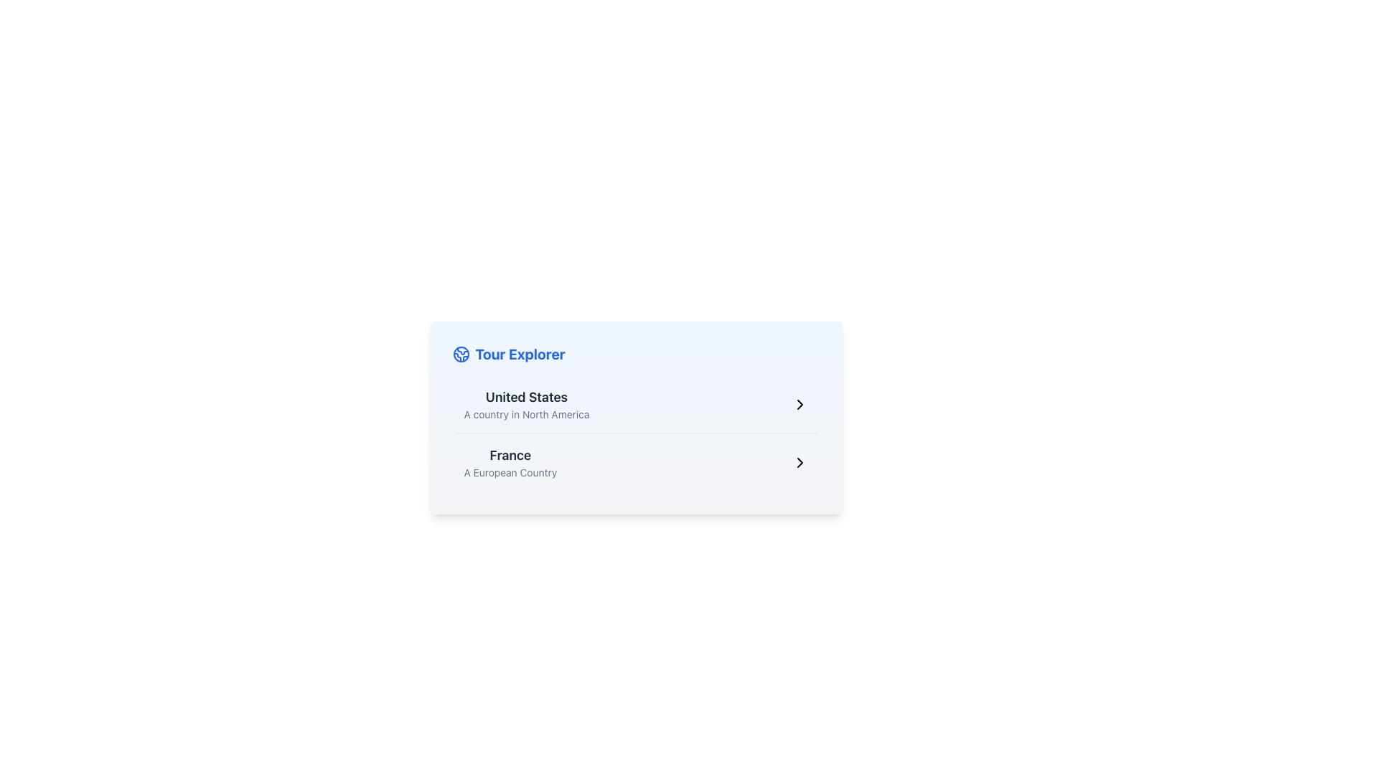  What do you see at coordinates (510, 456) in the screenshot?
I see `the static text label displaying 'France', which is positioned above the text 'A European Country' in dark gray color and bold font style` at bounding box center [510, 456].